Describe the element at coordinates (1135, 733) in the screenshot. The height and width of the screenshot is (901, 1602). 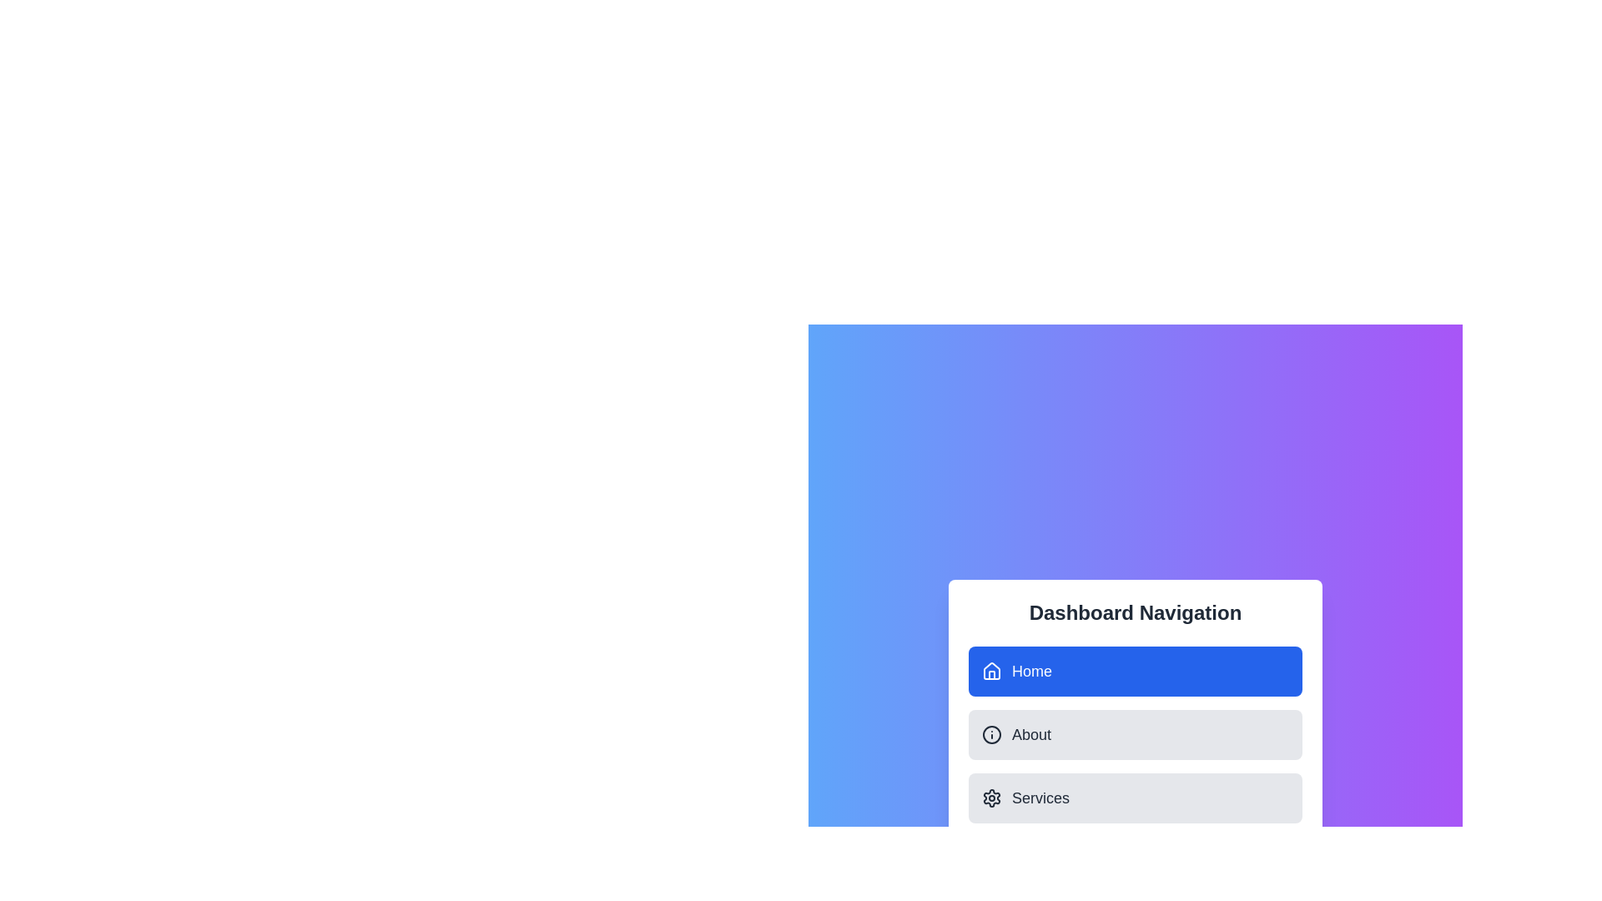
I see `the 'About' button, which is the second button in the navigation section, located below the 'Home' button and above the 'Services' button` at that location.